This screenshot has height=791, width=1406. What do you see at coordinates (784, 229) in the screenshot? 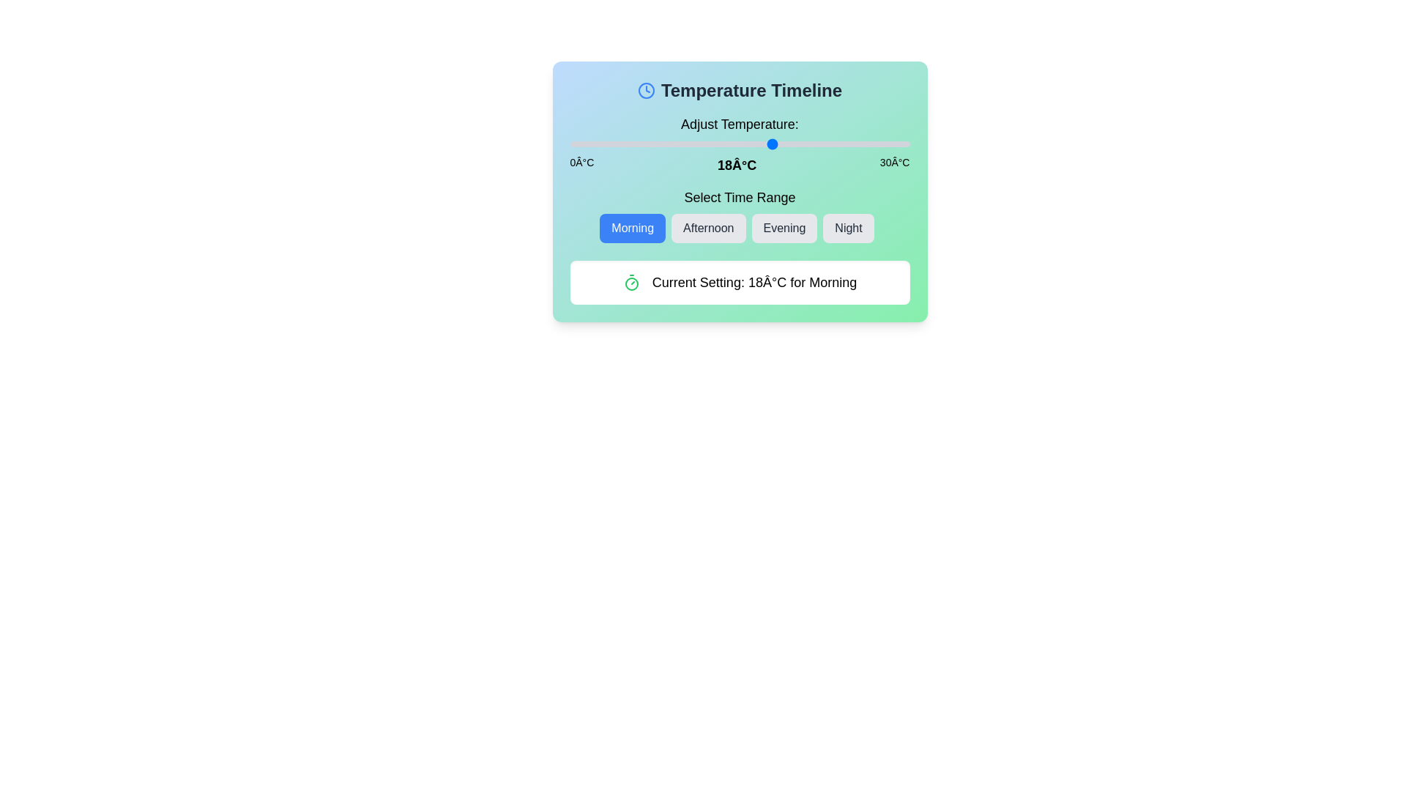
I see `the 'Evening' button to select the corresponding time range` at bounding box center [784, 229].